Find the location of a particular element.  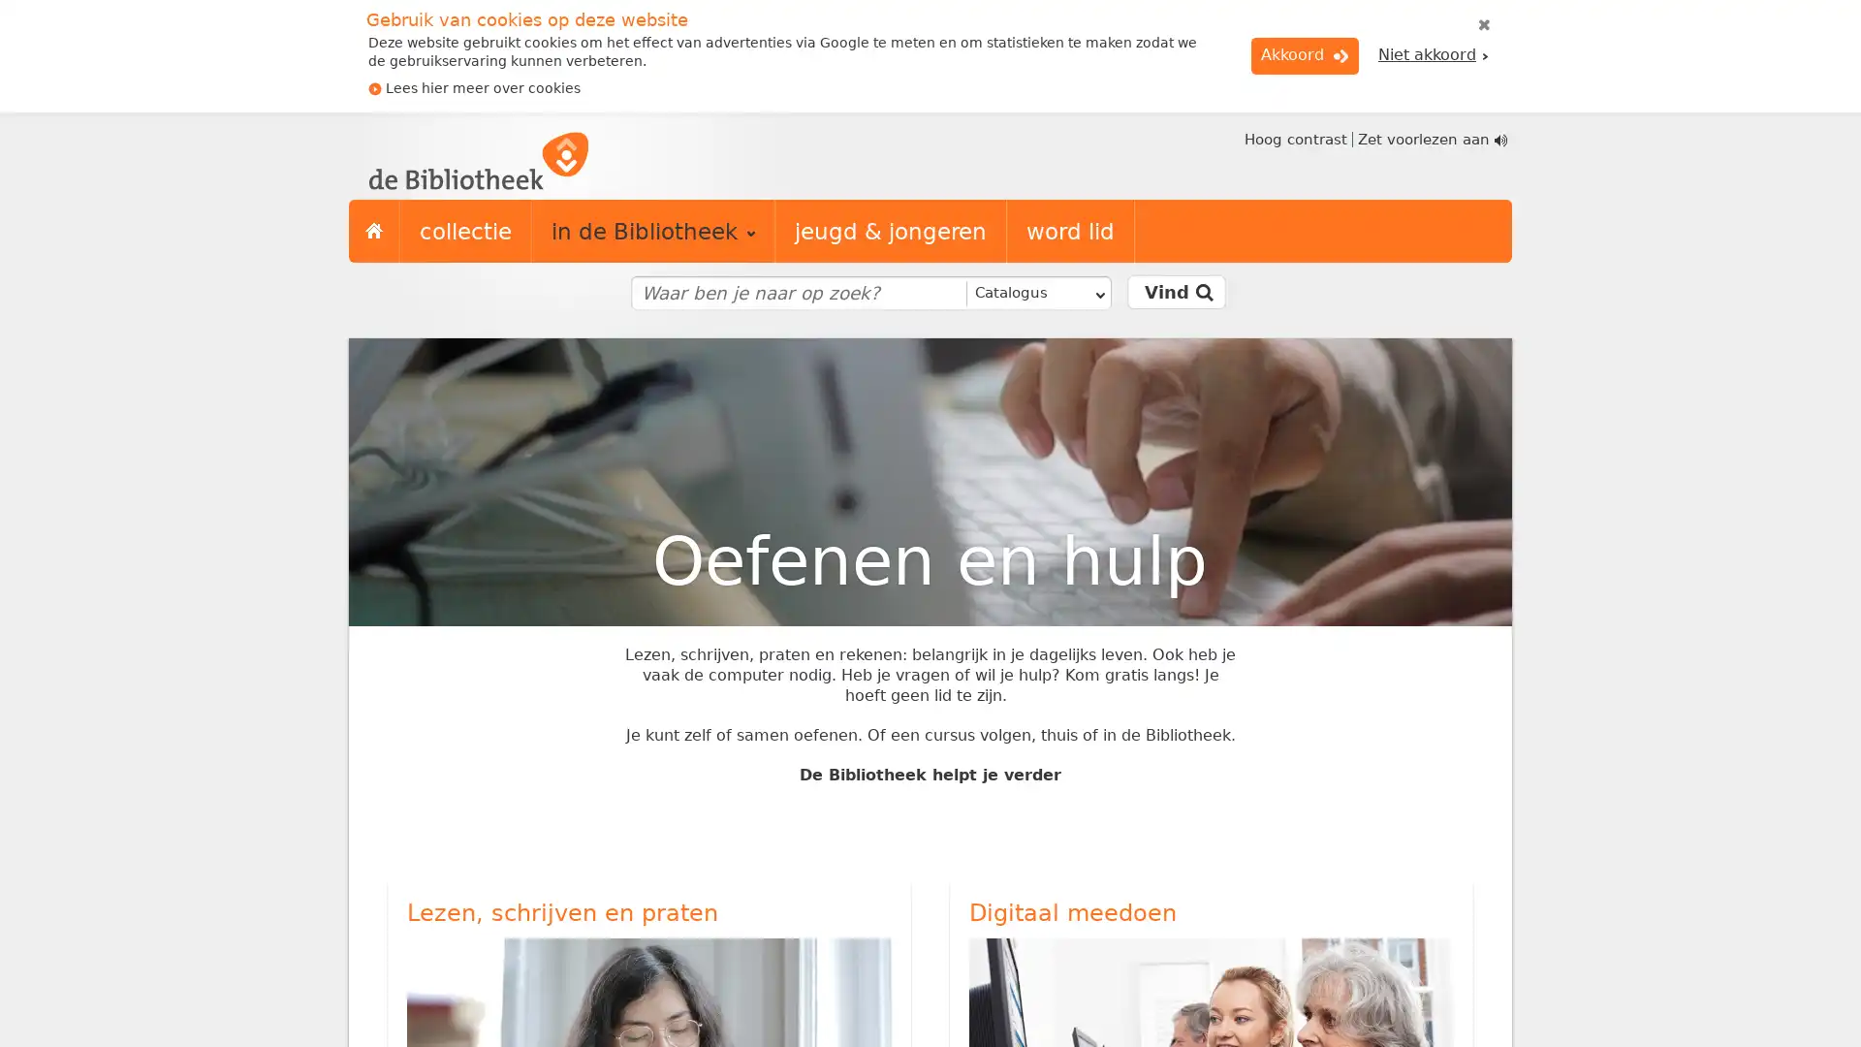

Niet akkoord is located at coordinates (1433, 54).